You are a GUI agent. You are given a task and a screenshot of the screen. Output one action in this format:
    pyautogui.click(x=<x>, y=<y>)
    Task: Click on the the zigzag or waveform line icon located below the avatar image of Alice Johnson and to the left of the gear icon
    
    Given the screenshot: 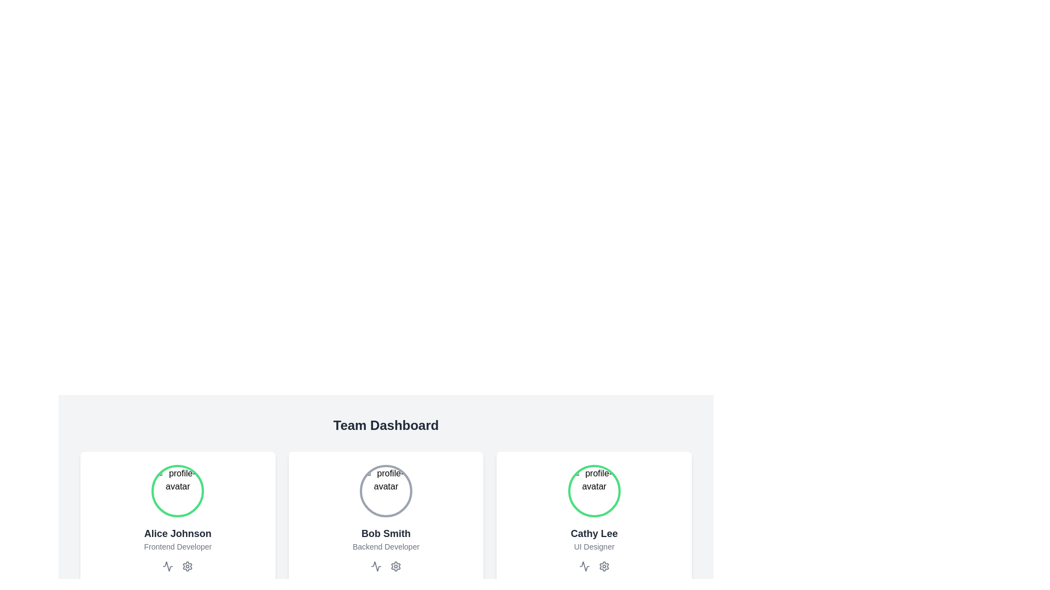 What is the action you would take?
    pyautogui.click(x=167, y=566)
    